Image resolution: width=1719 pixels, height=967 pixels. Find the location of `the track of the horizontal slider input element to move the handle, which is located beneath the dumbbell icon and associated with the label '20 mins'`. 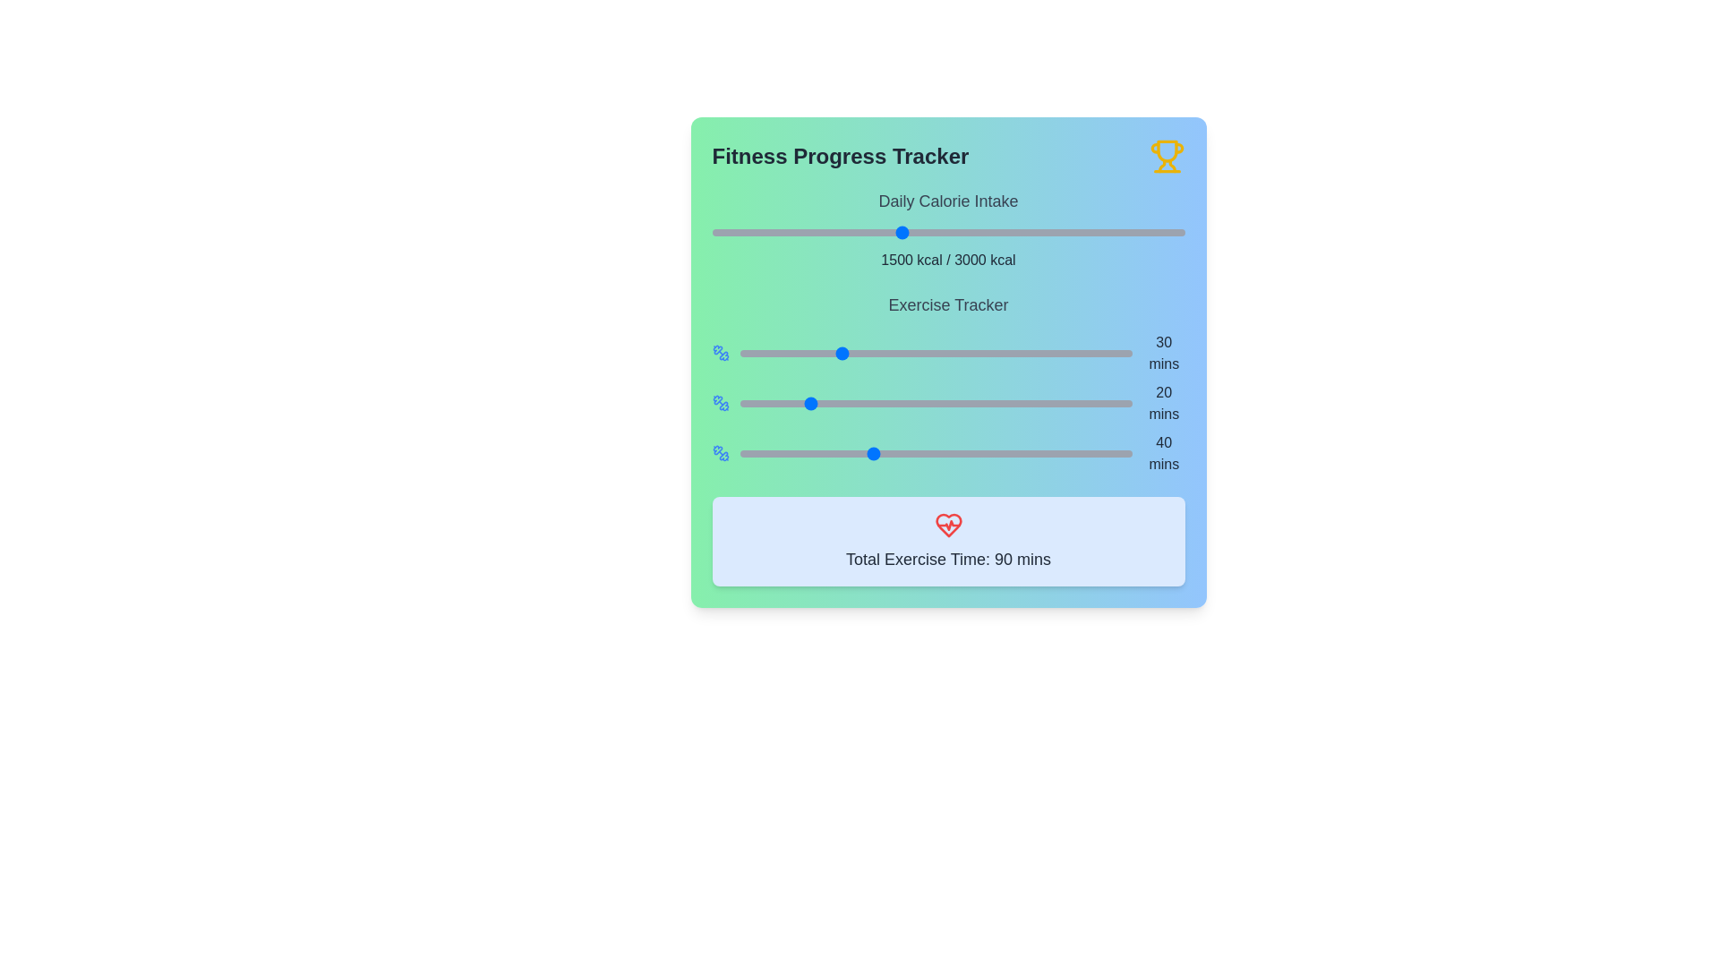

the track of the horizontal slider input element to move the handle, which is located beneath the dumbbell icon and associated with the label '20 mins' is located at coordinates (936, 404).